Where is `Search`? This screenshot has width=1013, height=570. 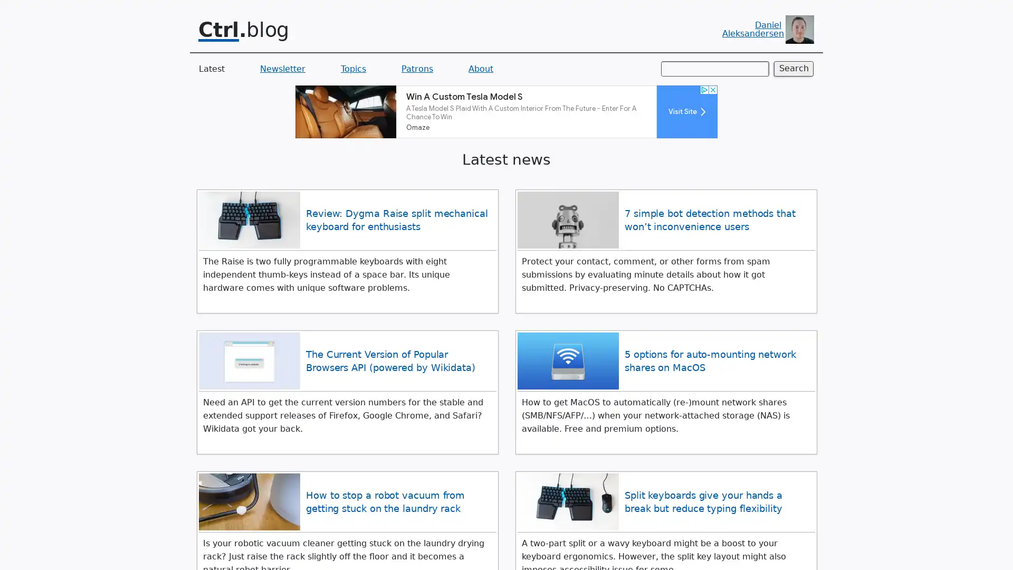 Search is located at coordinates (794, 68).